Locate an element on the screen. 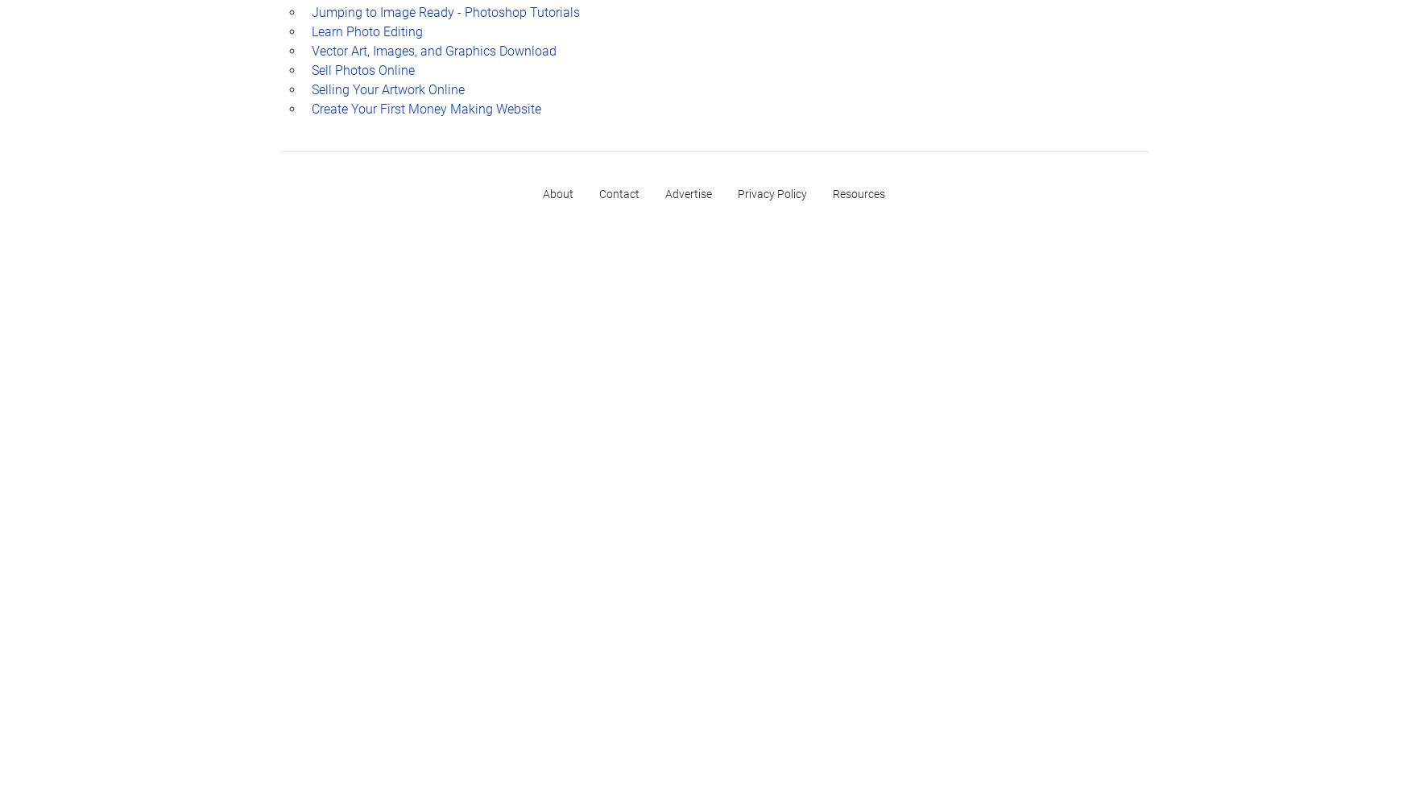  'Privacy Policy' is located at coordinates (772, 192).